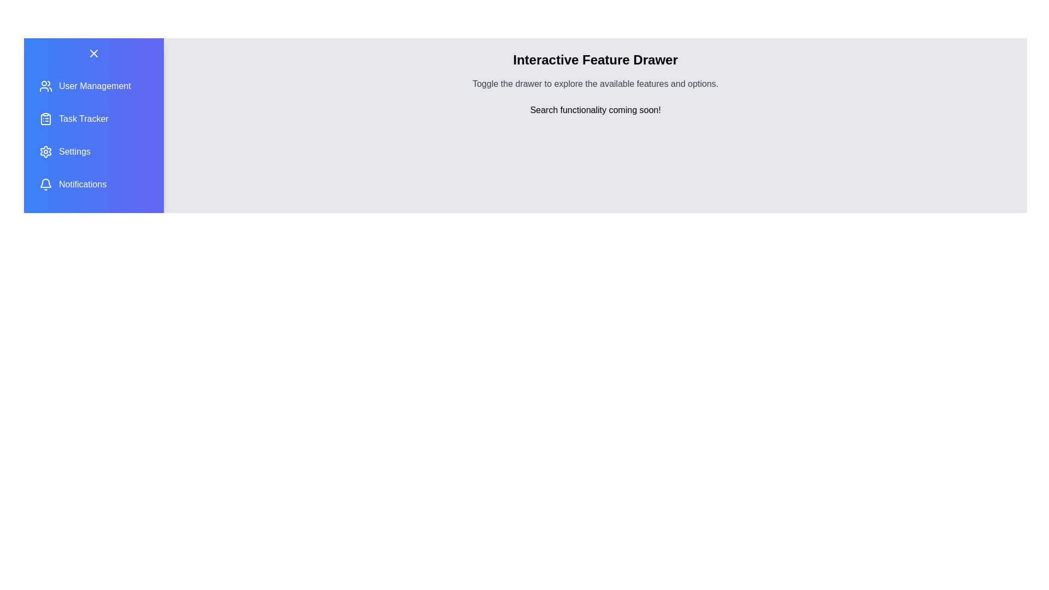  I want to click on the feature item User Management to observe the hover effect, so click(94, 86).